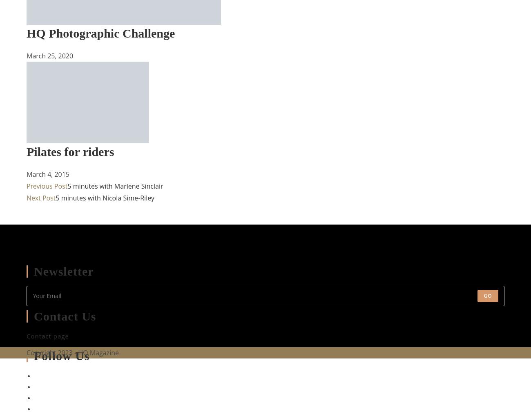 Image resolution: width=531 pixels, height=414 pixels. Describe the element at coordinates (55, 197) in the screenshot. I see `'5 minutes with Nicola Sime-Riley'` at that location.